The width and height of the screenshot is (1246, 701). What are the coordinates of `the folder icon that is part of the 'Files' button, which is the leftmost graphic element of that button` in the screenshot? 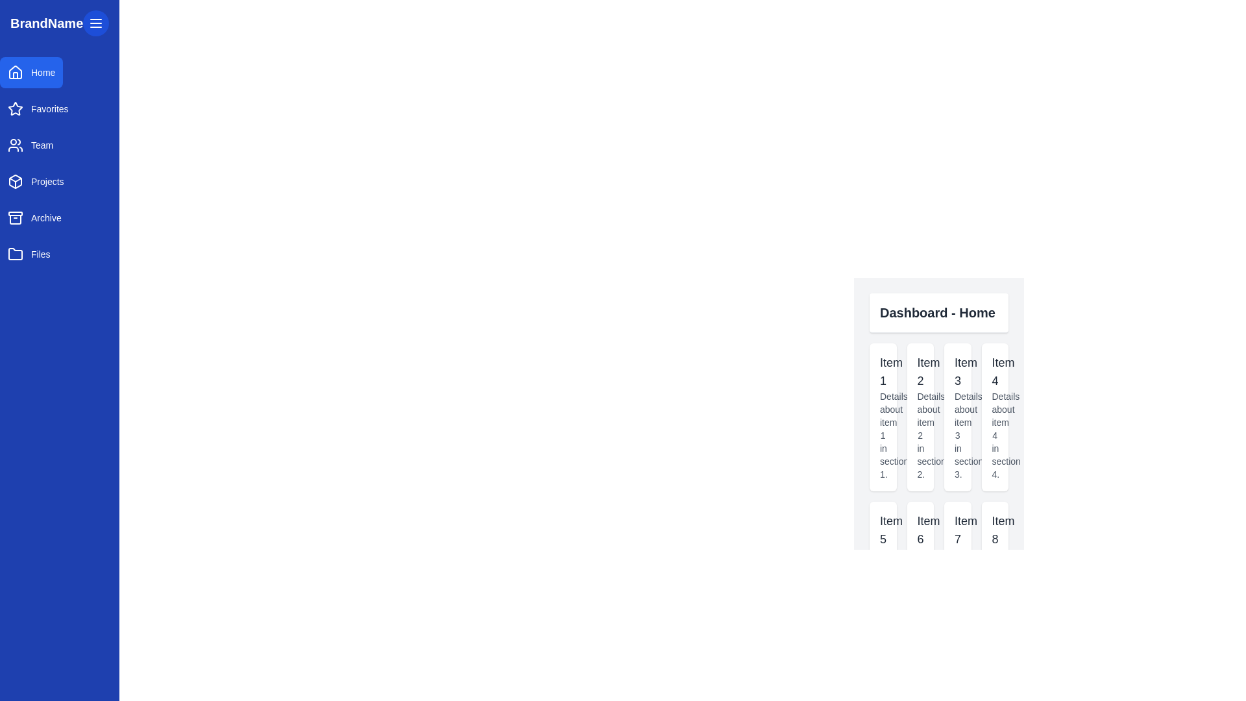 It's located at (16, 254).